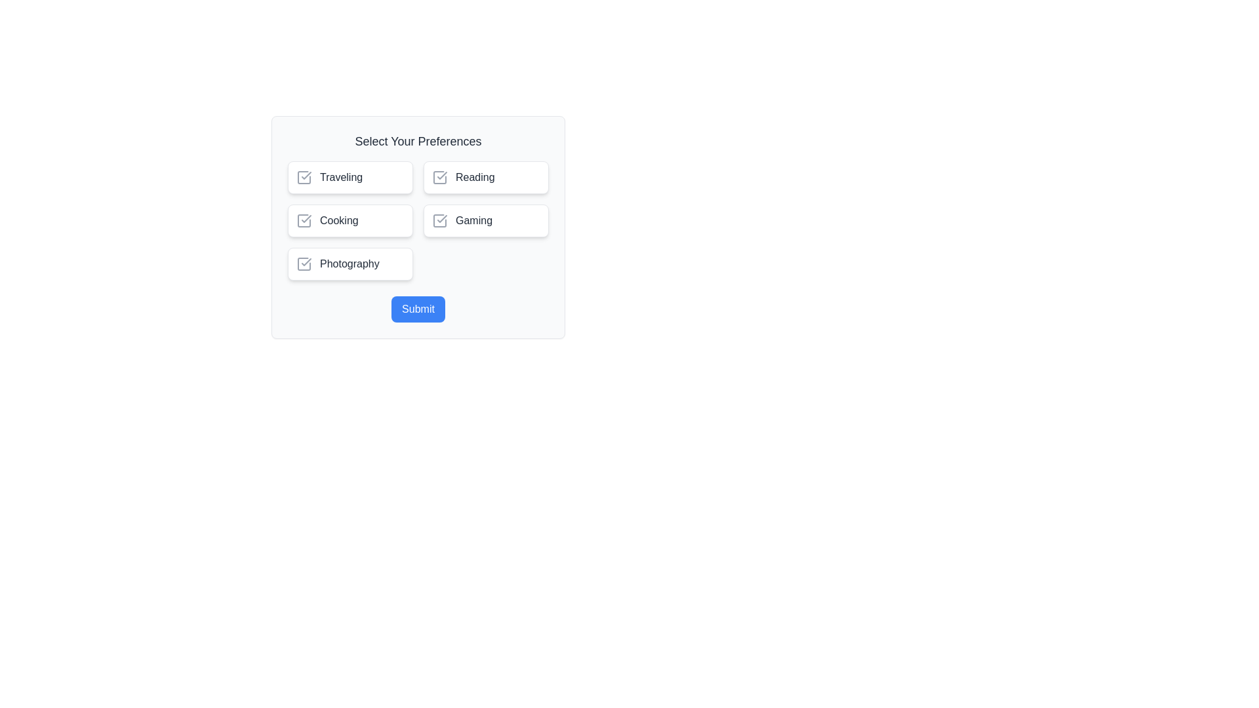 This screenshot has height=708, width=1259. I want to click on the submit button at the bottom of the 'Select Your Preferences' card for accessibility navigation, so click(418, 309).